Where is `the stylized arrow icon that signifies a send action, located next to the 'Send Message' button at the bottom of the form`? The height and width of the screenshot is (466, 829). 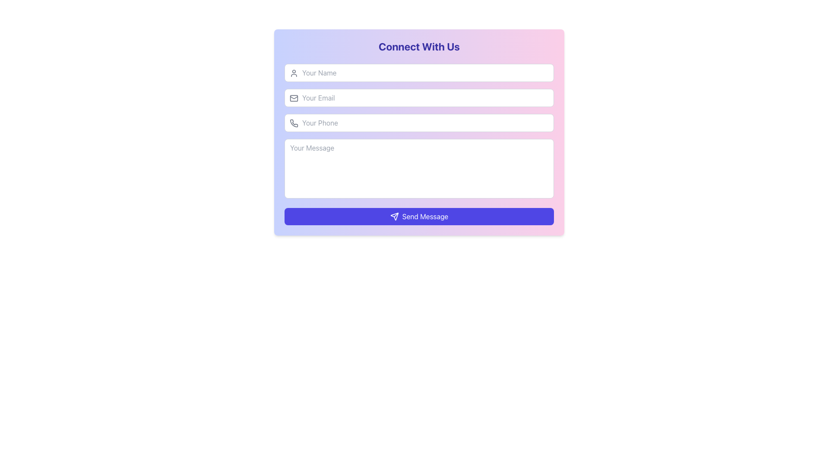
the stylized arrow icon that signifies a send action, located next to the 'Send Message' button at the bottom of the form is located at coordinates (394, 216).